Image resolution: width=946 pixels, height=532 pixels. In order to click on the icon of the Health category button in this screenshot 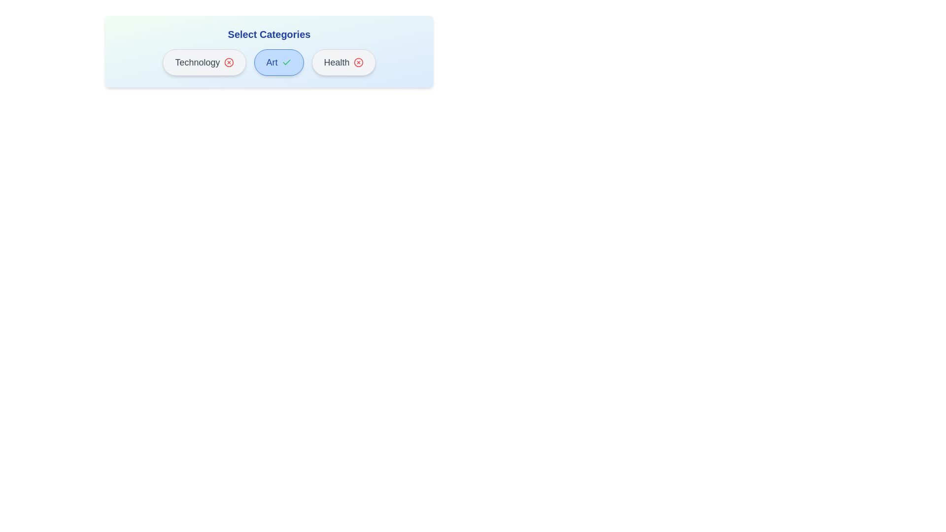, I will do `click(358, 63)`.